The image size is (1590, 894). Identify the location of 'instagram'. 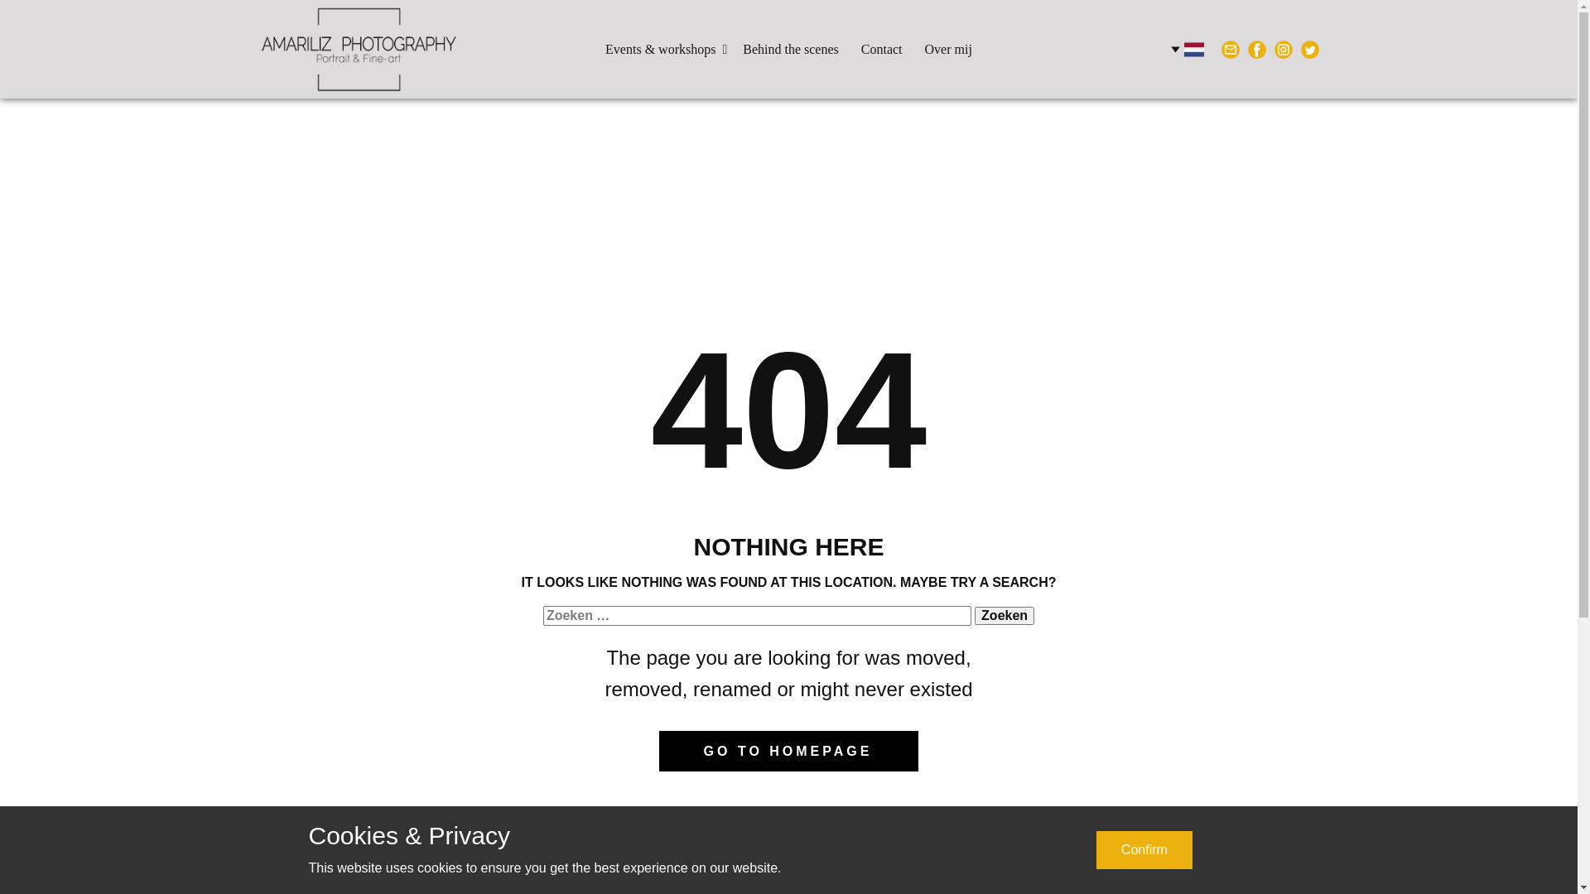
(1282, 49).